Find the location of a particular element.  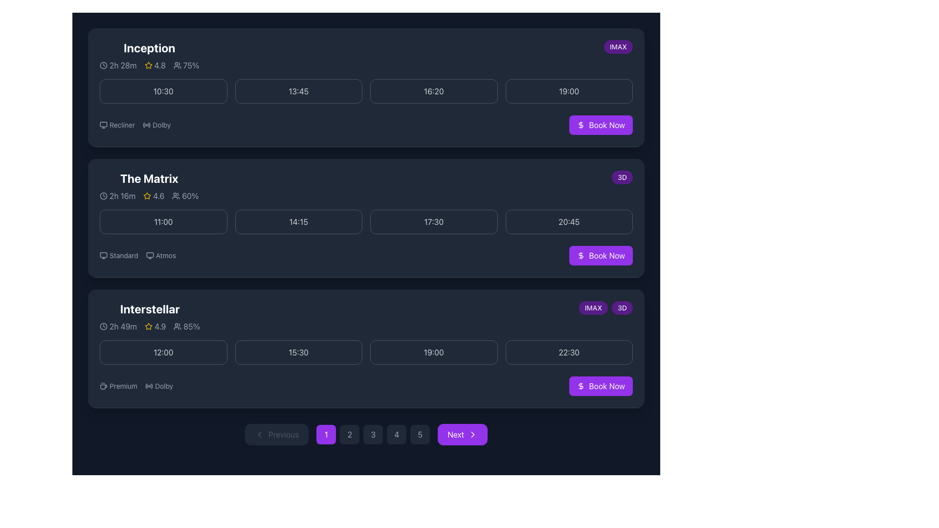

the rating text '4.8' or the yellow star icon is located at coordinates (155, 66).